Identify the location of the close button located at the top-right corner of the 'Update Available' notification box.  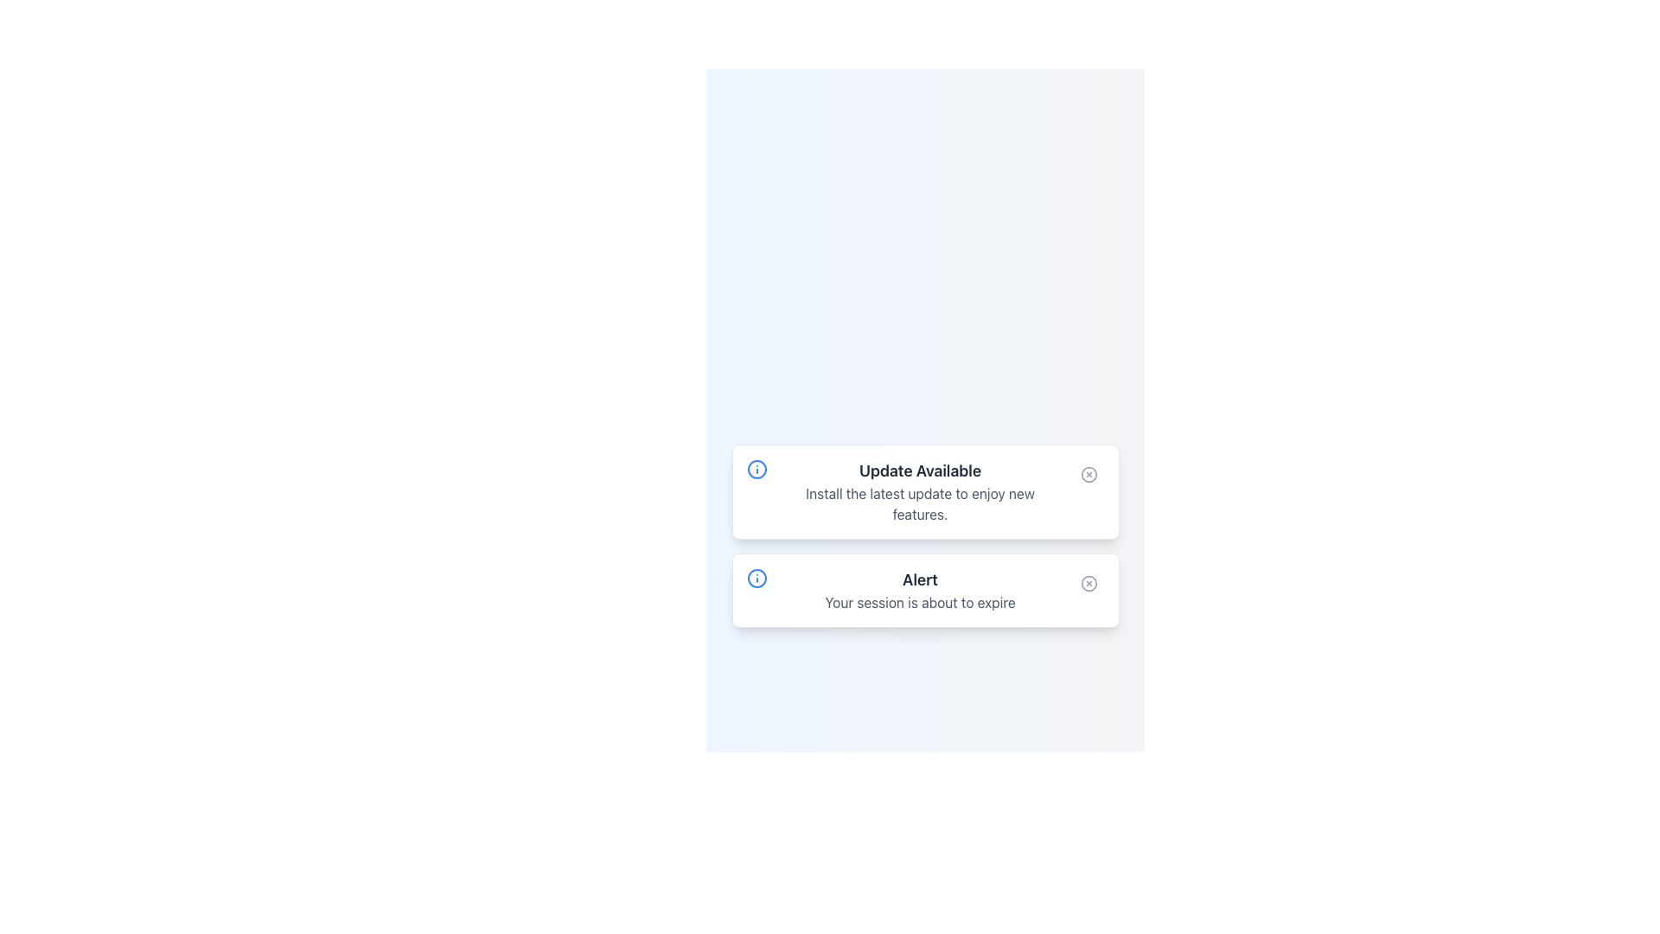
(1088, 474).